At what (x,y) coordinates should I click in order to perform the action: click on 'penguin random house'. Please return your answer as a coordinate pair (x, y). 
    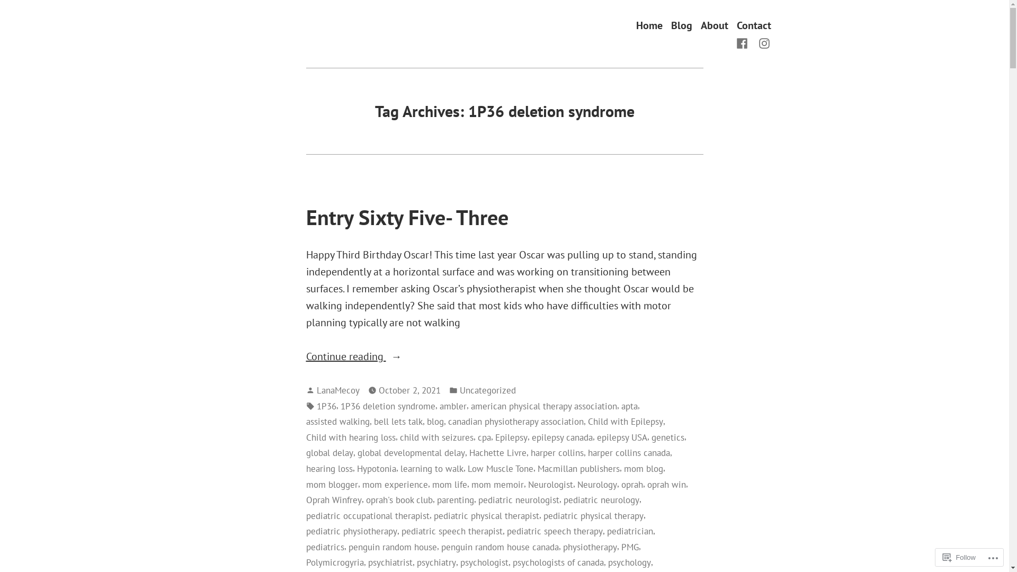
    Looking at the image, I should click on (392, 547).